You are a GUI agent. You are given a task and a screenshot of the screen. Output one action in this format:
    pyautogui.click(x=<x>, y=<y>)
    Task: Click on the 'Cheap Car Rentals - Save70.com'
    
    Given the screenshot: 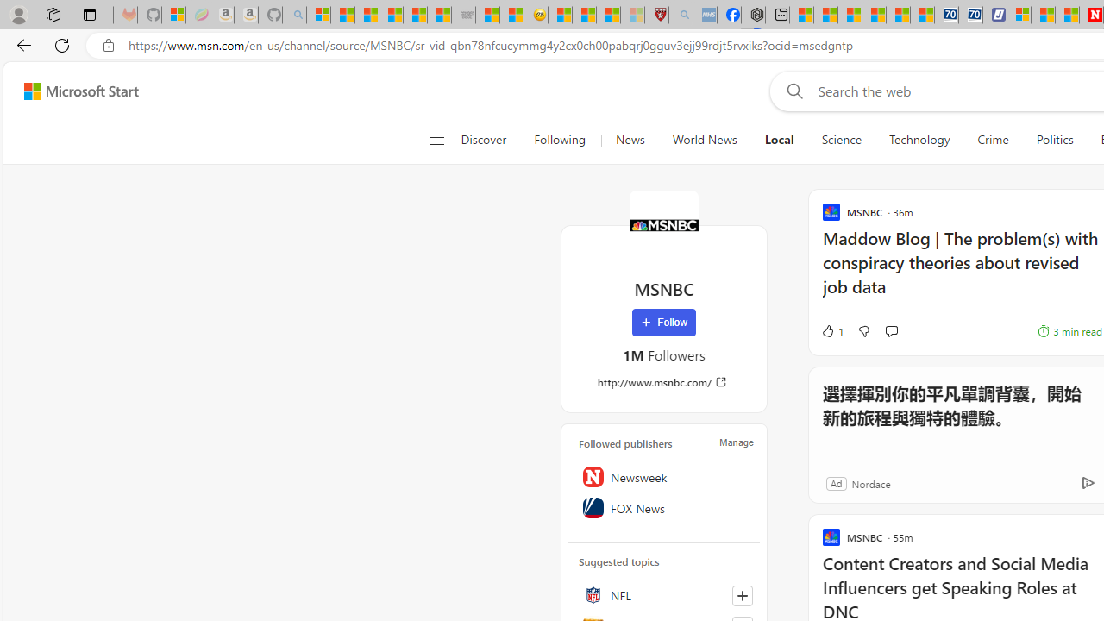 What is the action you would take?
    pyautogui.click(x=945, y=15)
    